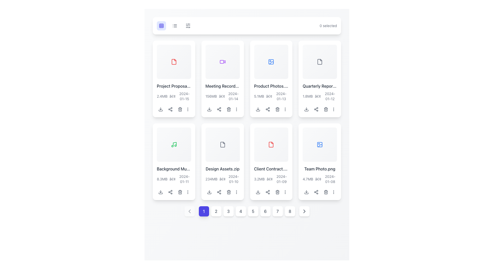 This screenshot has height=276, width=492. I want to click on the download icon button within the card for 'Product Photos.jpg', so click(258, 109).